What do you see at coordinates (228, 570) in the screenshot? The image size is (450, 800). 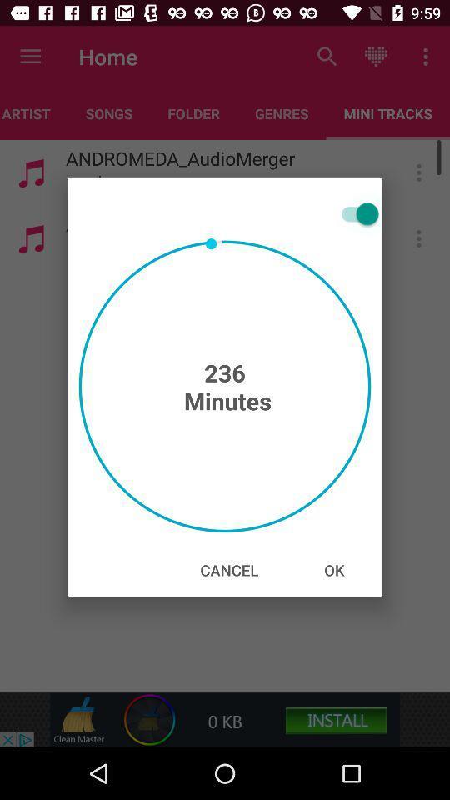 I see `cancel` at bounding box center [228, 570].